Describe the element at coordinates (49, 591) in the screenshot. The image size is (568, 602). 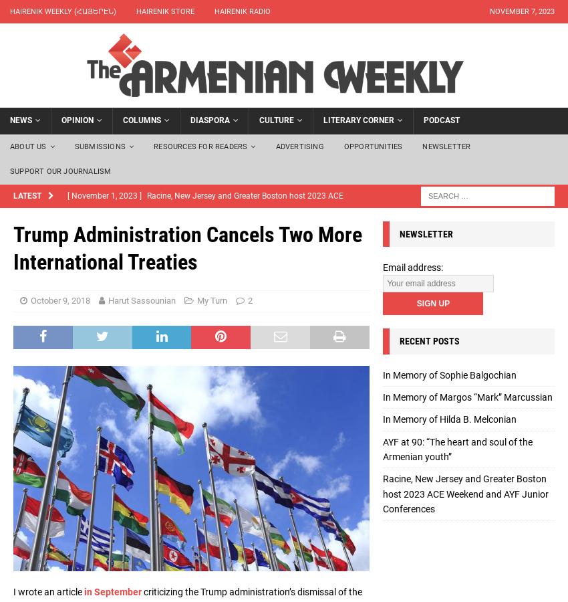
I see `'I wrote an article'` at that location.